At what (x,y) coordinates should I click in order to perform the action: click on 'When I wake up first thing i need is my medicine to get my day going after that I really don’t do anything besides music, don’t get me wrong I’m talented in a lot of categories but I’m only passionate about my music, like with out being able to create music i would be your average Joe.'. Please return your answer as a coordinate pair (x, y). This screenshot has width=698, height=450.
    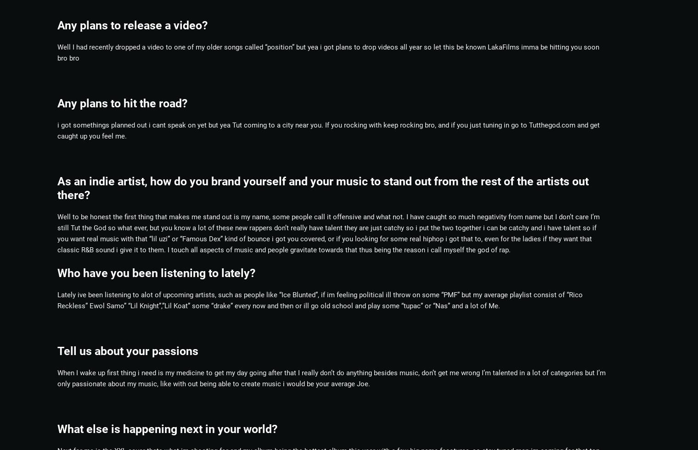
    Looking at the image, I should click on (332, 378).